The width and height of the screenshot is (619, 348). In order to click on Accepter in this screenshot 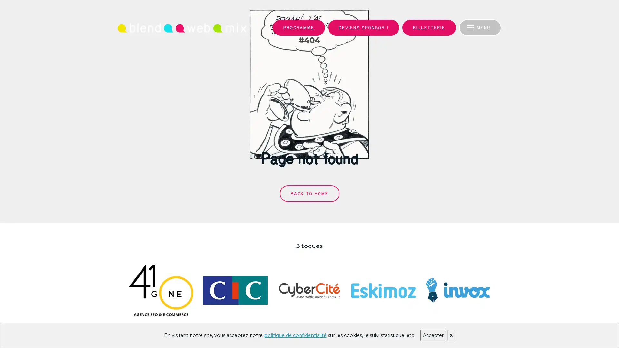, I will do `click(433, 335)`.